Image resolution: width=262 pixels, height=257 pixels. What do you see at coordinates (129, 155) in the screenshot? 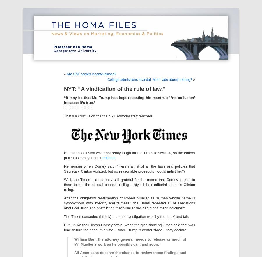
I see `'But that conclusion was apparently tough for the Times to swallow, so the editors pulled a Comey in their'` at bounding box center [129, 155].